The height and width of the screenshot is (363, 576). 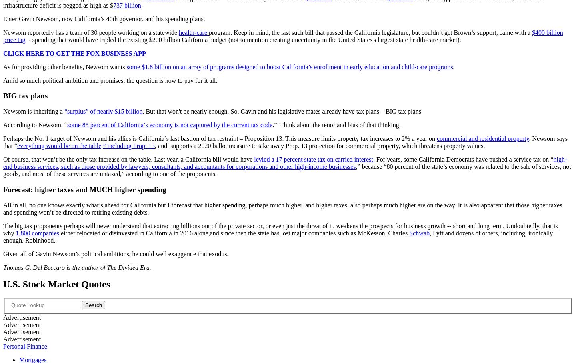 What do you see at coordinates (64, 66) in the screenshot?
I see `'As for providing other benefits, Newsom wants'` at bounding box center [64, 66].